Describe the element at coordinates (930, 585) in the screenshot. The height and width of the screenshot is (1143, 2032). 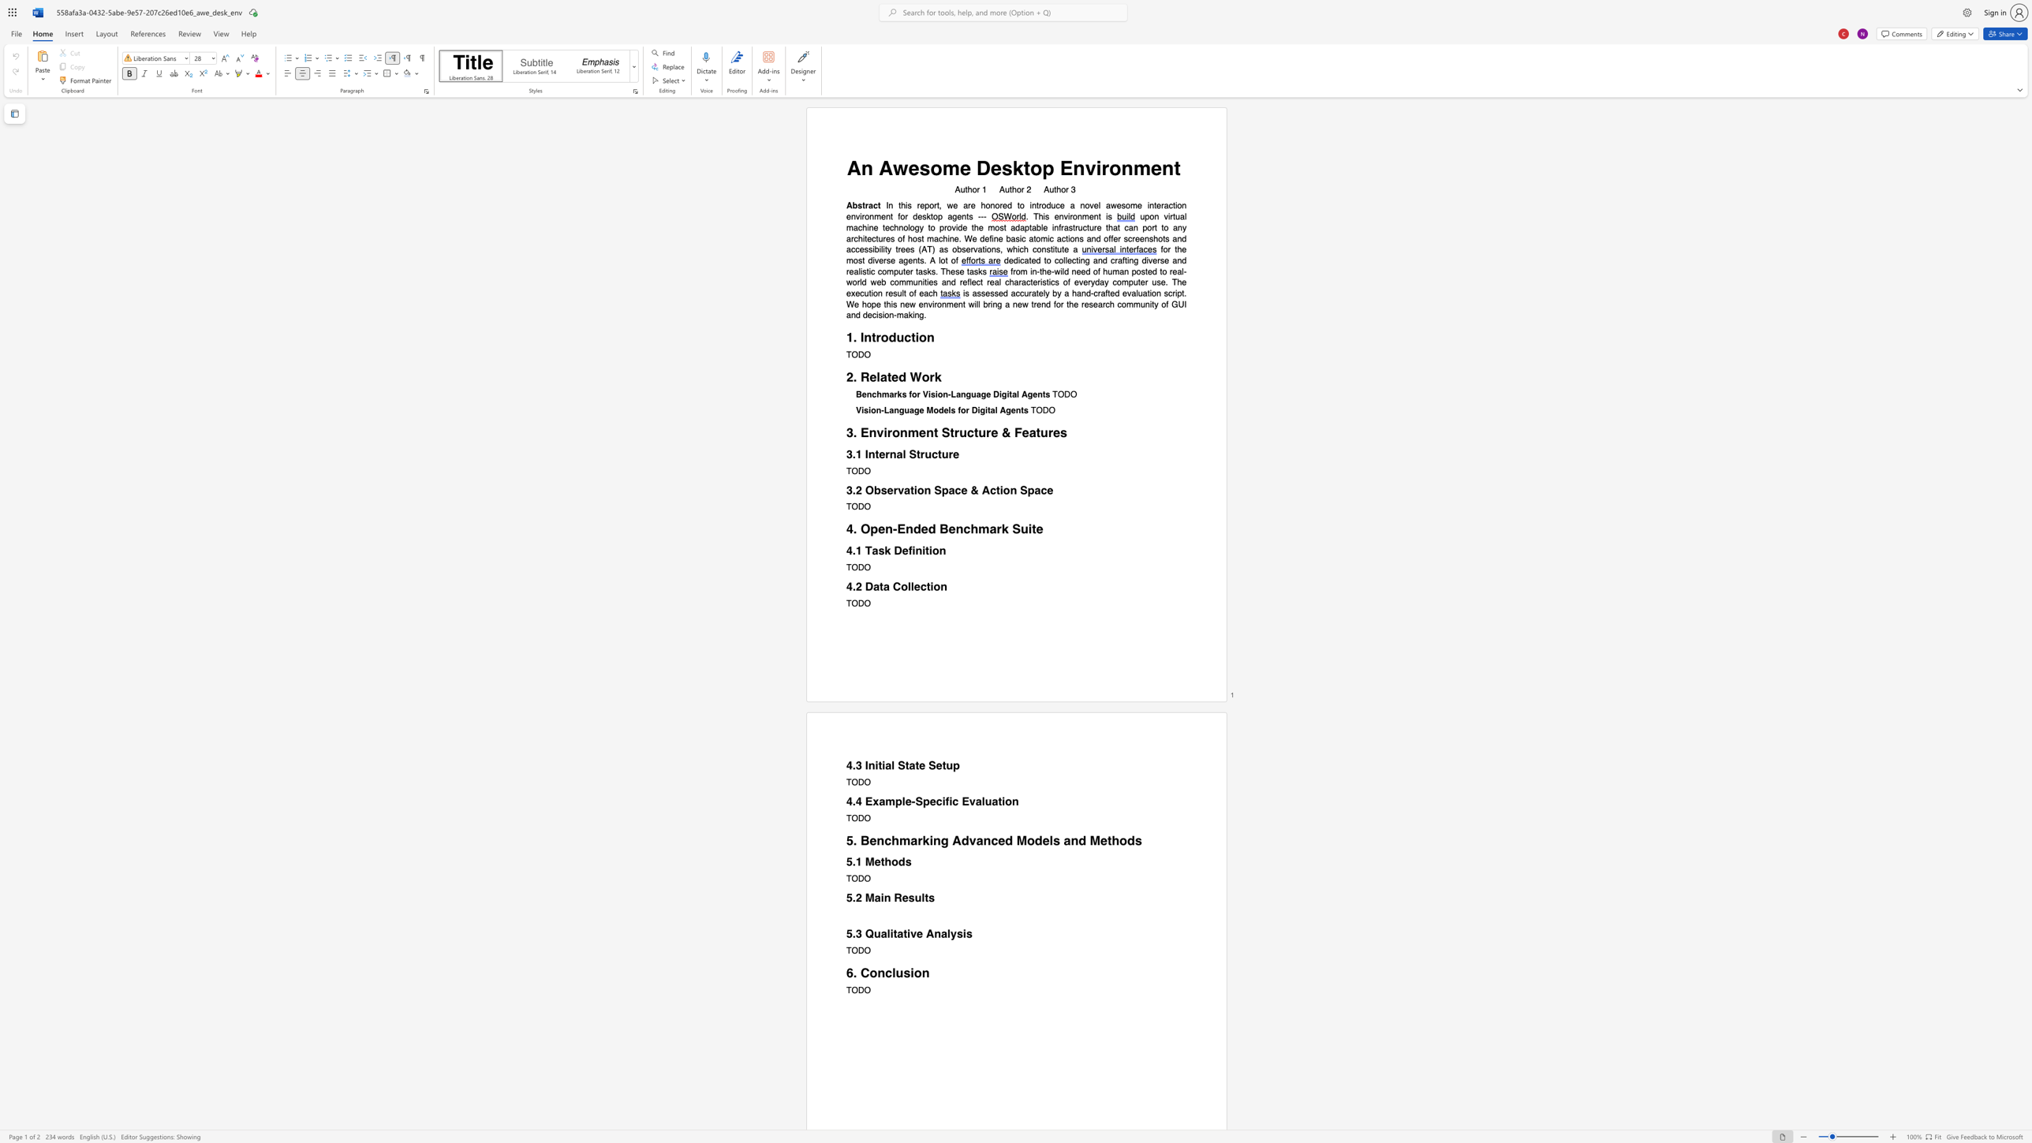
I see `the subset text "io" within the text "Data Collection"` at that location.